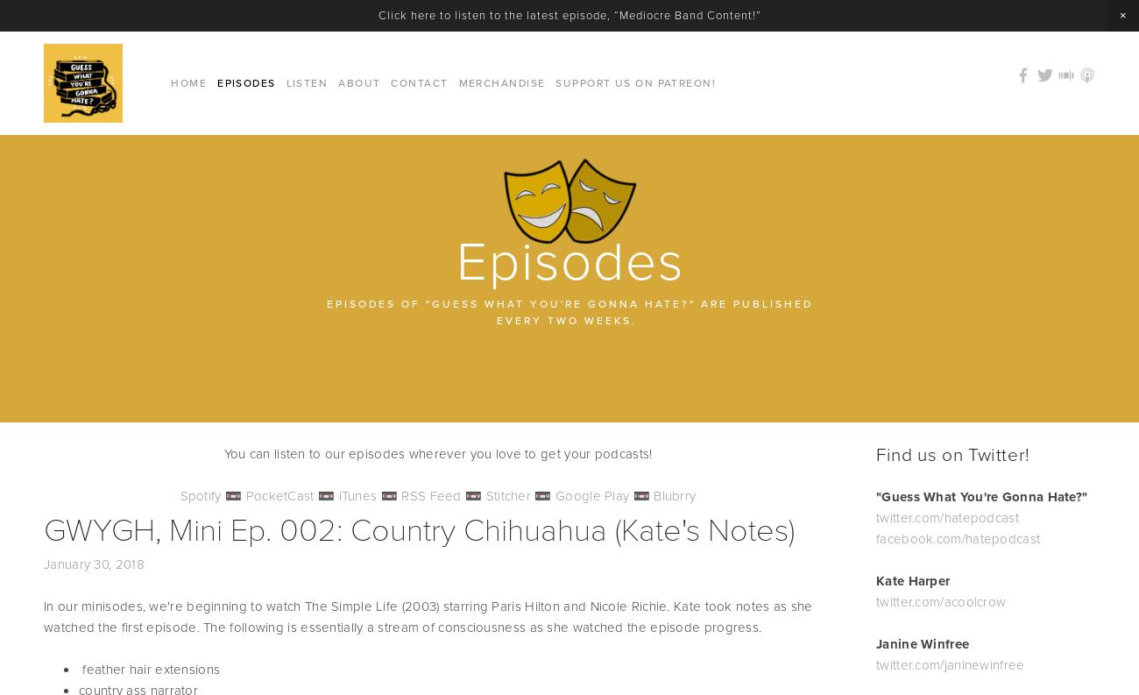  What do you see at coordinates (673, 494) in the screenshot?
I see `'Blubrry'` at bounding box center [673, 494].